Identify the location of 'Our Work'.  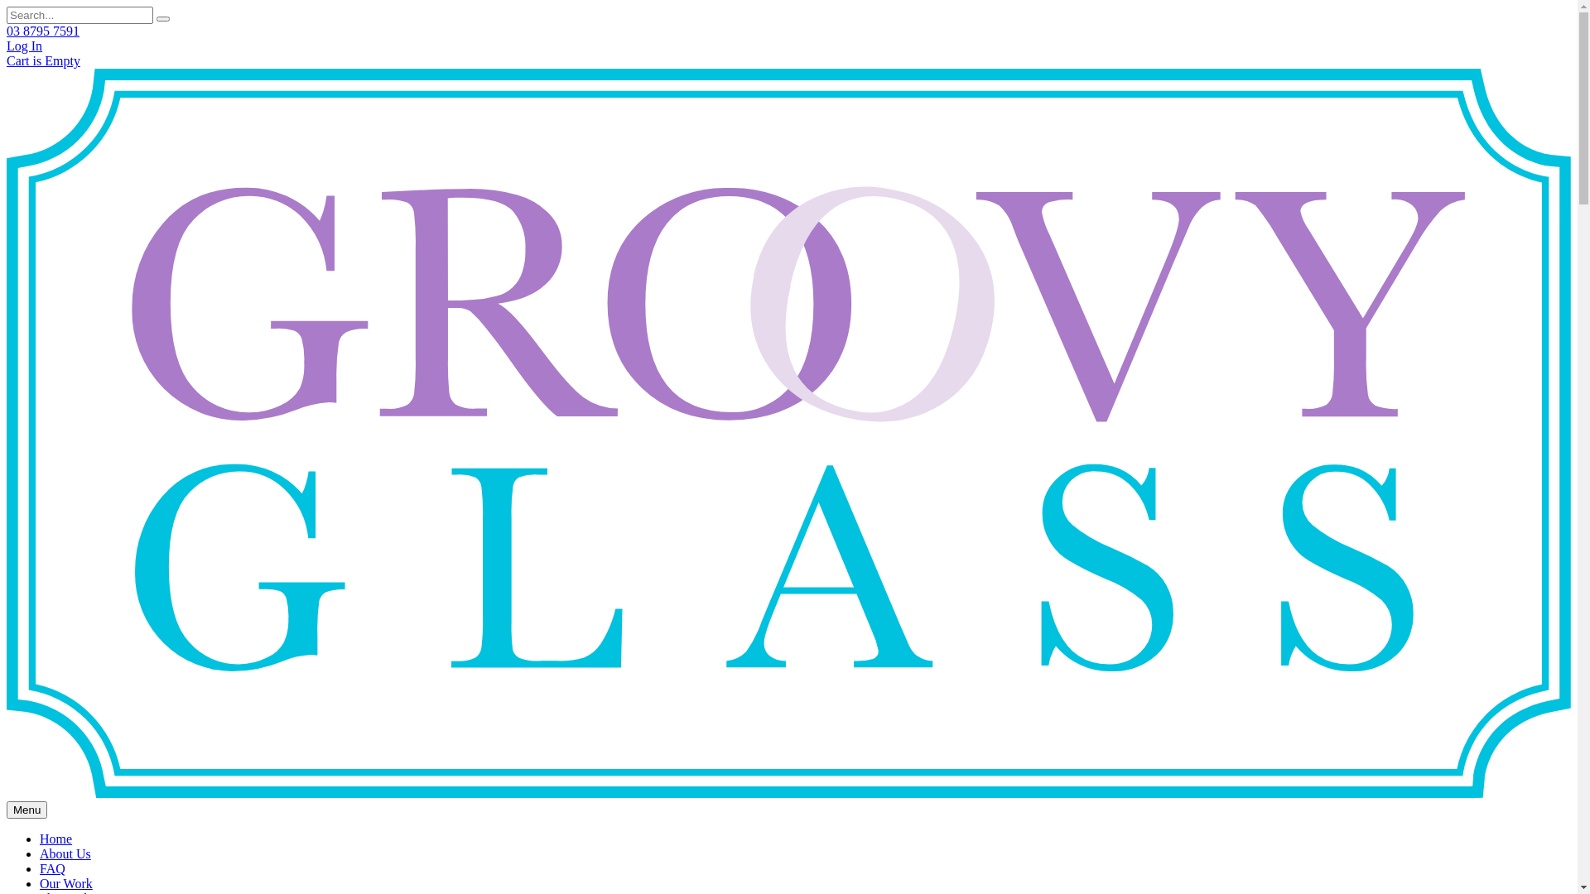
(40, 882).